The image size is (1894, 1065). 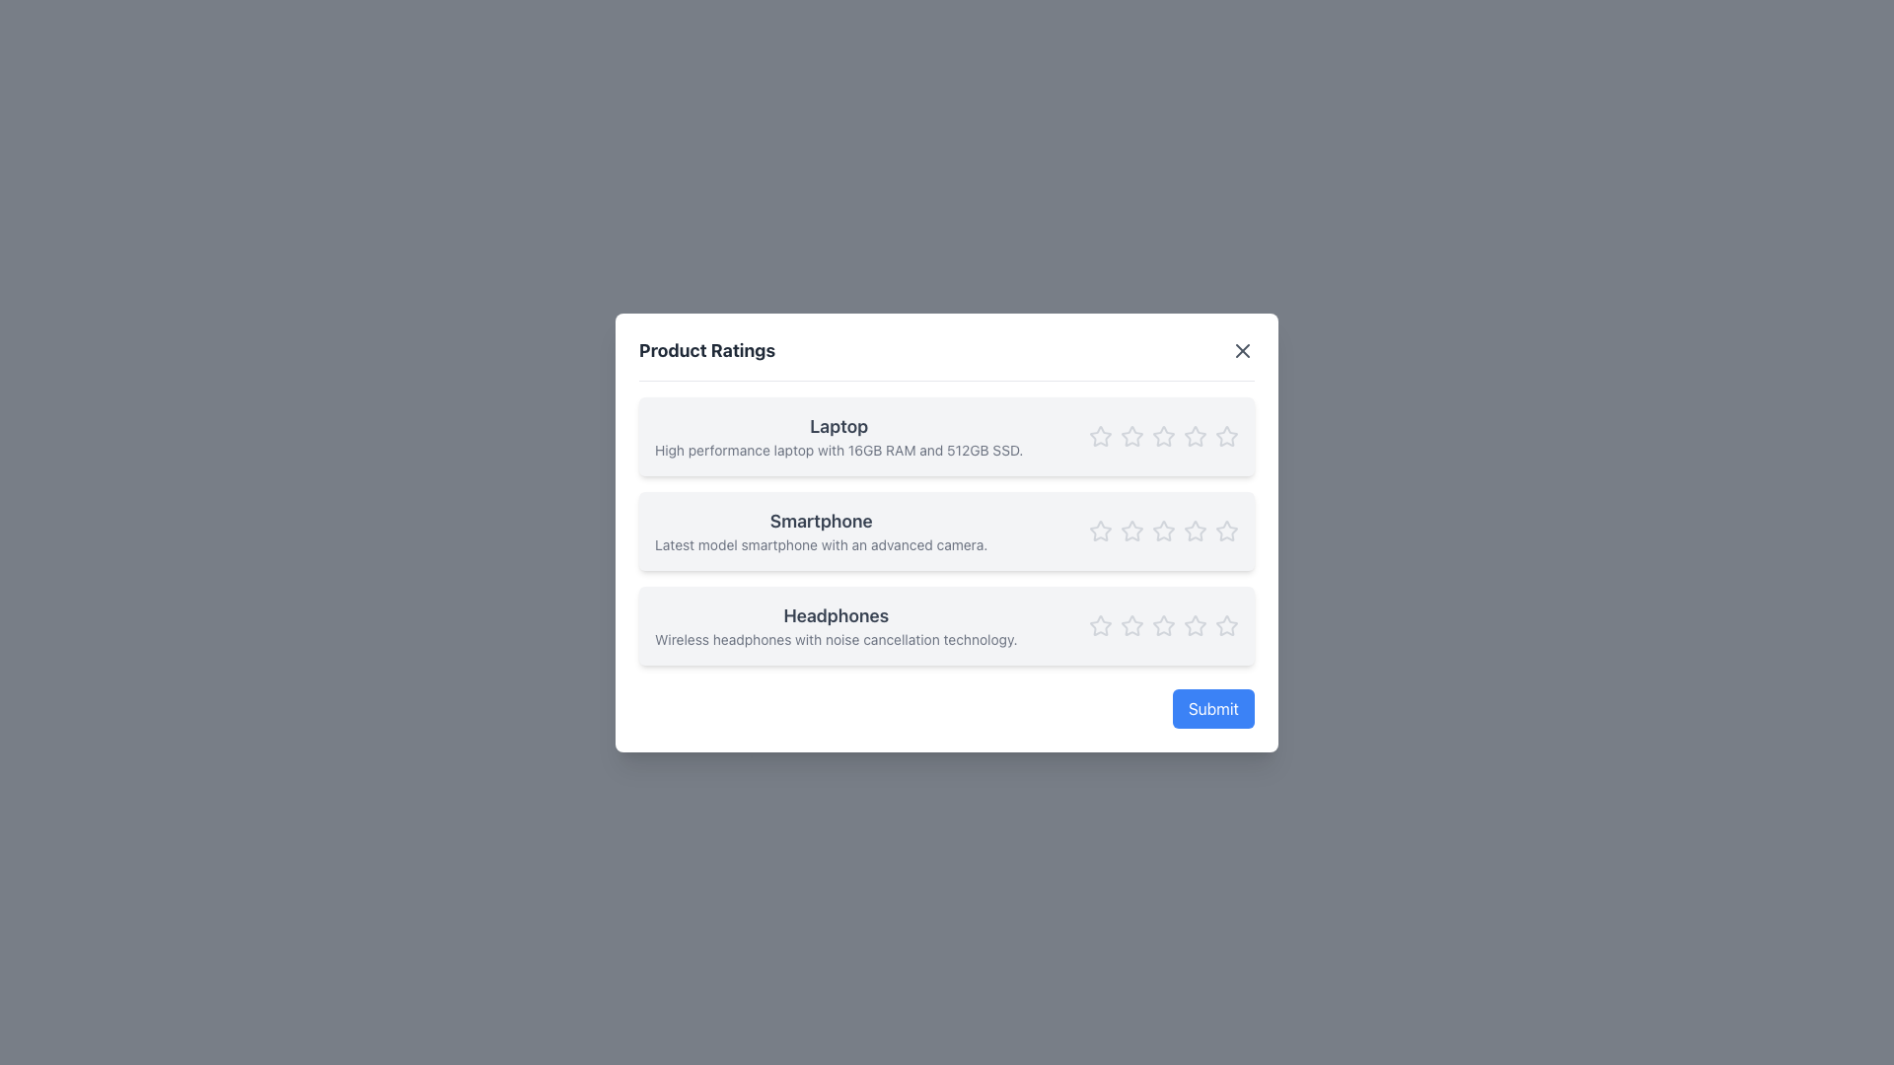 I want to click on the sixth Interactive Star Icon in the rating system for the 'Laptop' category, so click(x=1225, y=435).